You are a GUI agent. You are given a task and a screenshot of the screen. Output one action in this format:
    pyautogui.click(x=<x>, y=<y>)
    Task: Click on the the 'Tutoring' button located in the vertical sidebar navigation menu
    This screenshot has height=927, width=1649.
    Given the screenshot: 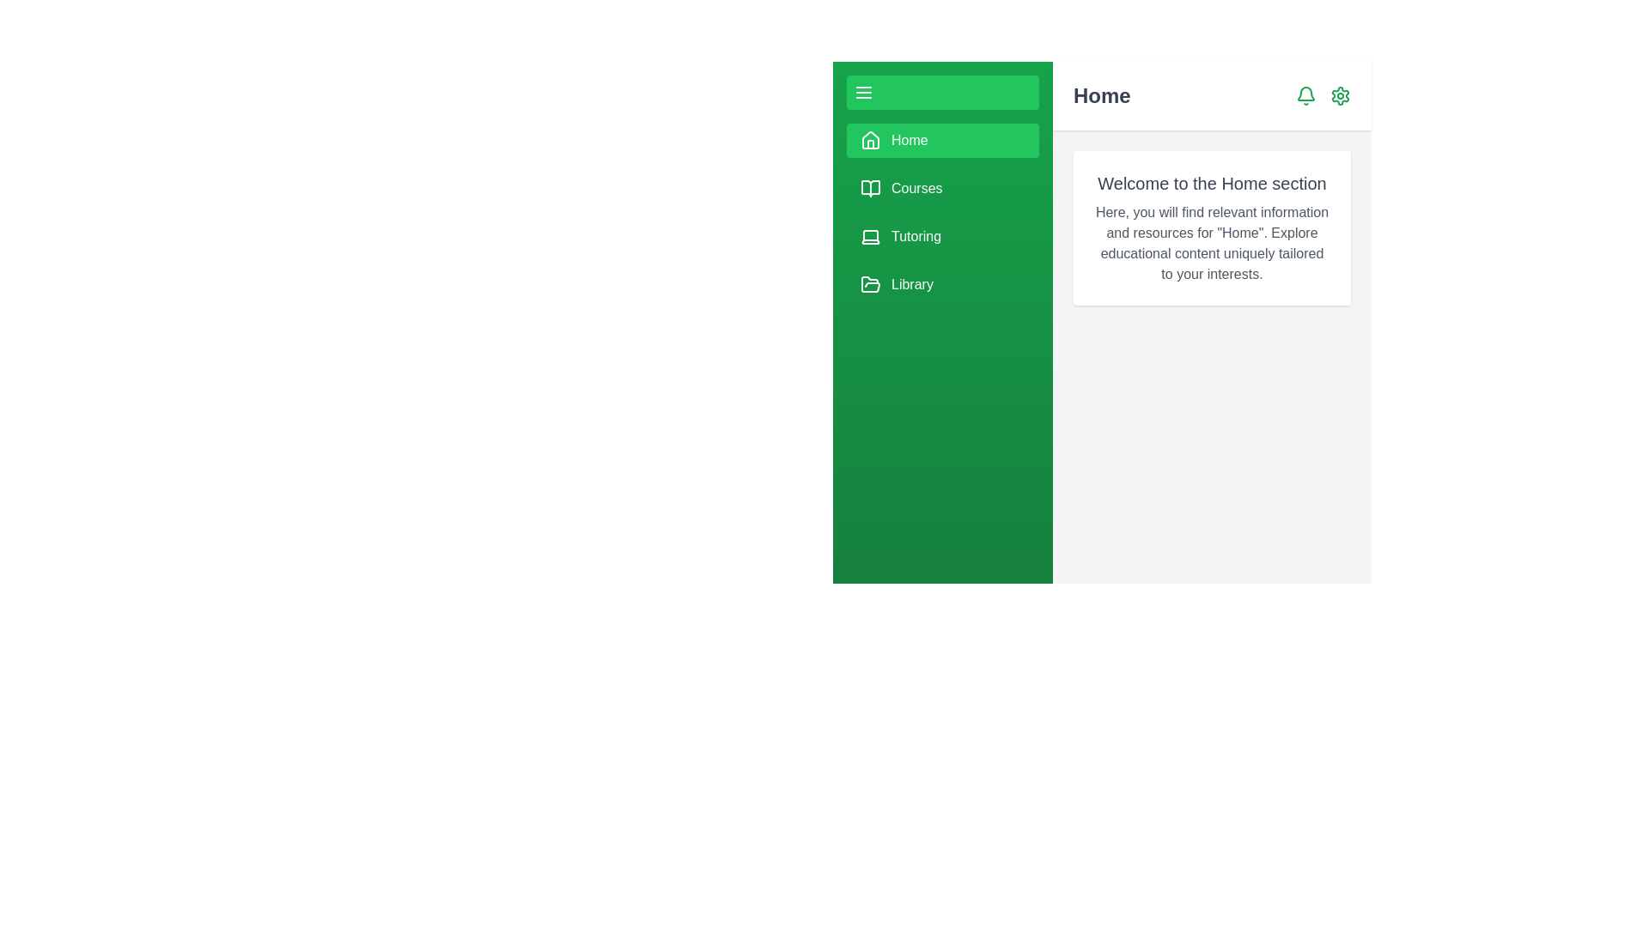 What is the action you would take?
    pyautogui.click(x=942, y=211)
    